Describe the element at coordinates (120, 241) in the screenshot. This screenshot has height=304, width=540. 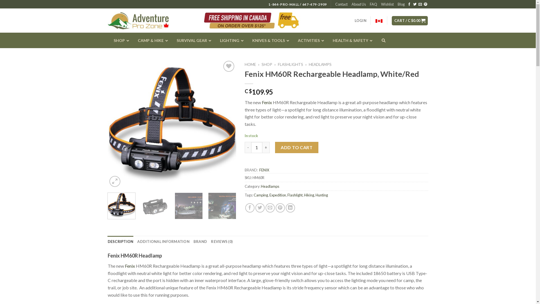
I see `'DESCRIPTION'` at that location.